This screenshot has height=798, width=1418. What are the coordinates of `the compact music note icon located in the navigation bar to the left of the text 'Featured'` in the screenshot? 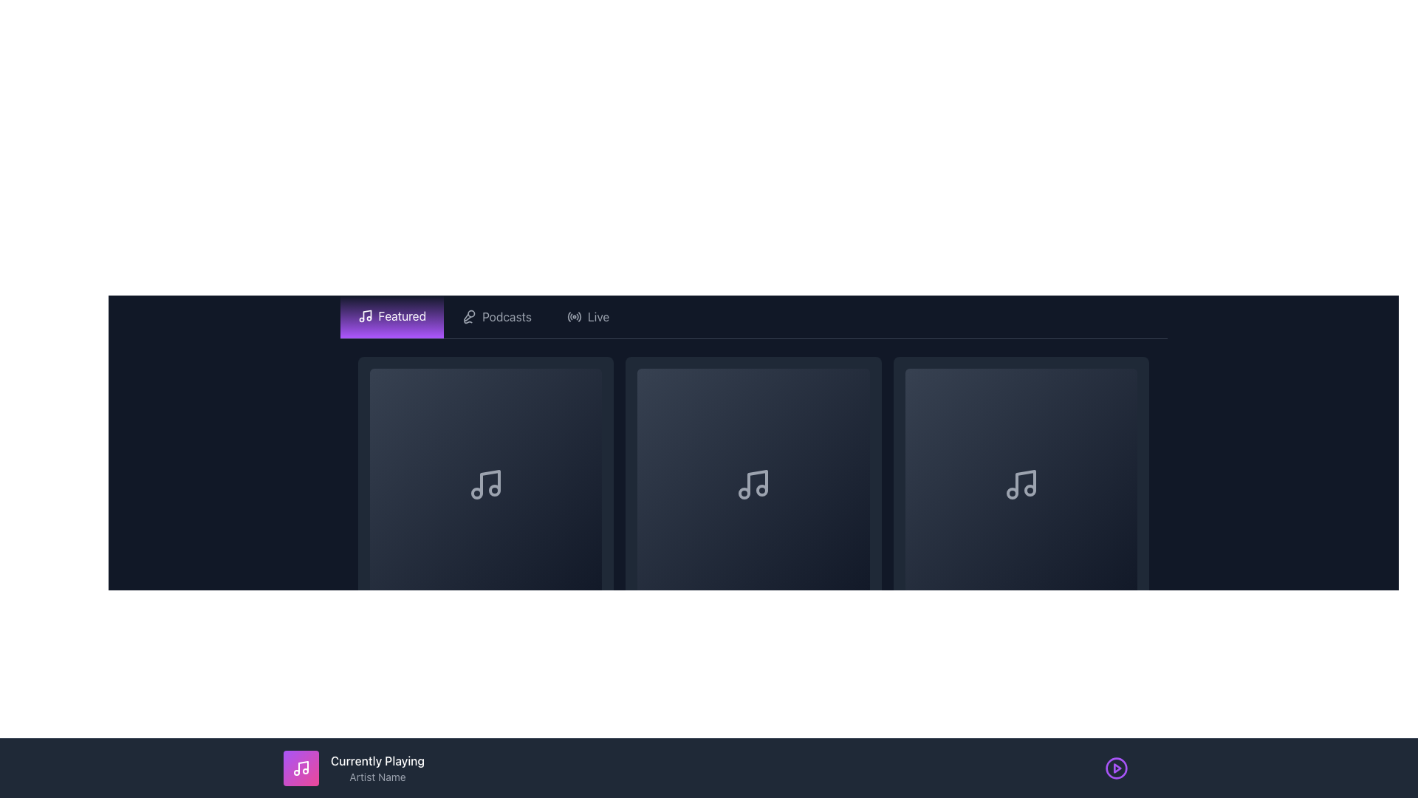 It's located at (365, 316).